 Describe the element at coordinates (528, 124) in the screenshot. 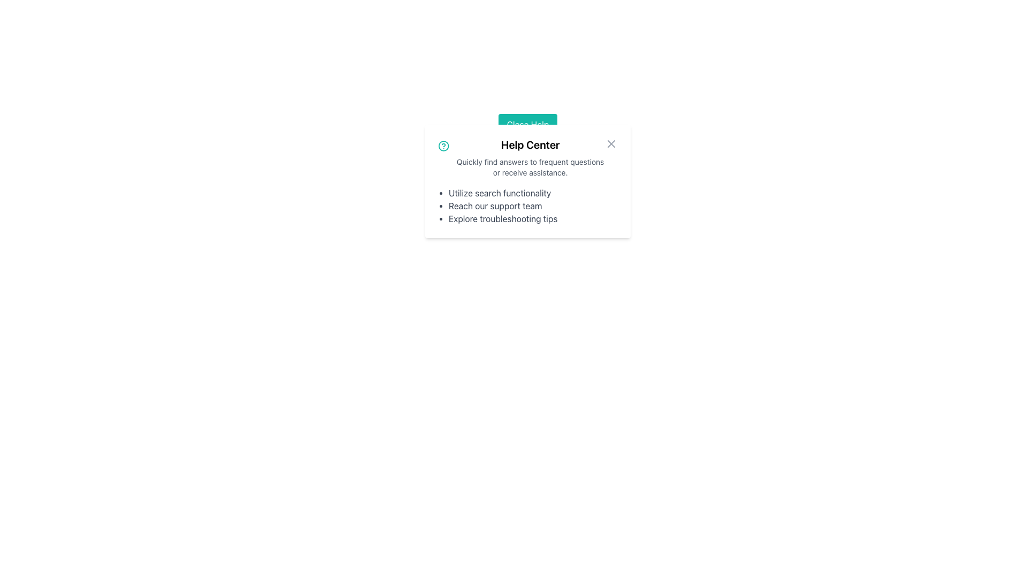

I see `the 'Close Help' button, which is a teal rectangular button with white text and rounded corners, located at the top center of the 'Help Center' section` at that location.